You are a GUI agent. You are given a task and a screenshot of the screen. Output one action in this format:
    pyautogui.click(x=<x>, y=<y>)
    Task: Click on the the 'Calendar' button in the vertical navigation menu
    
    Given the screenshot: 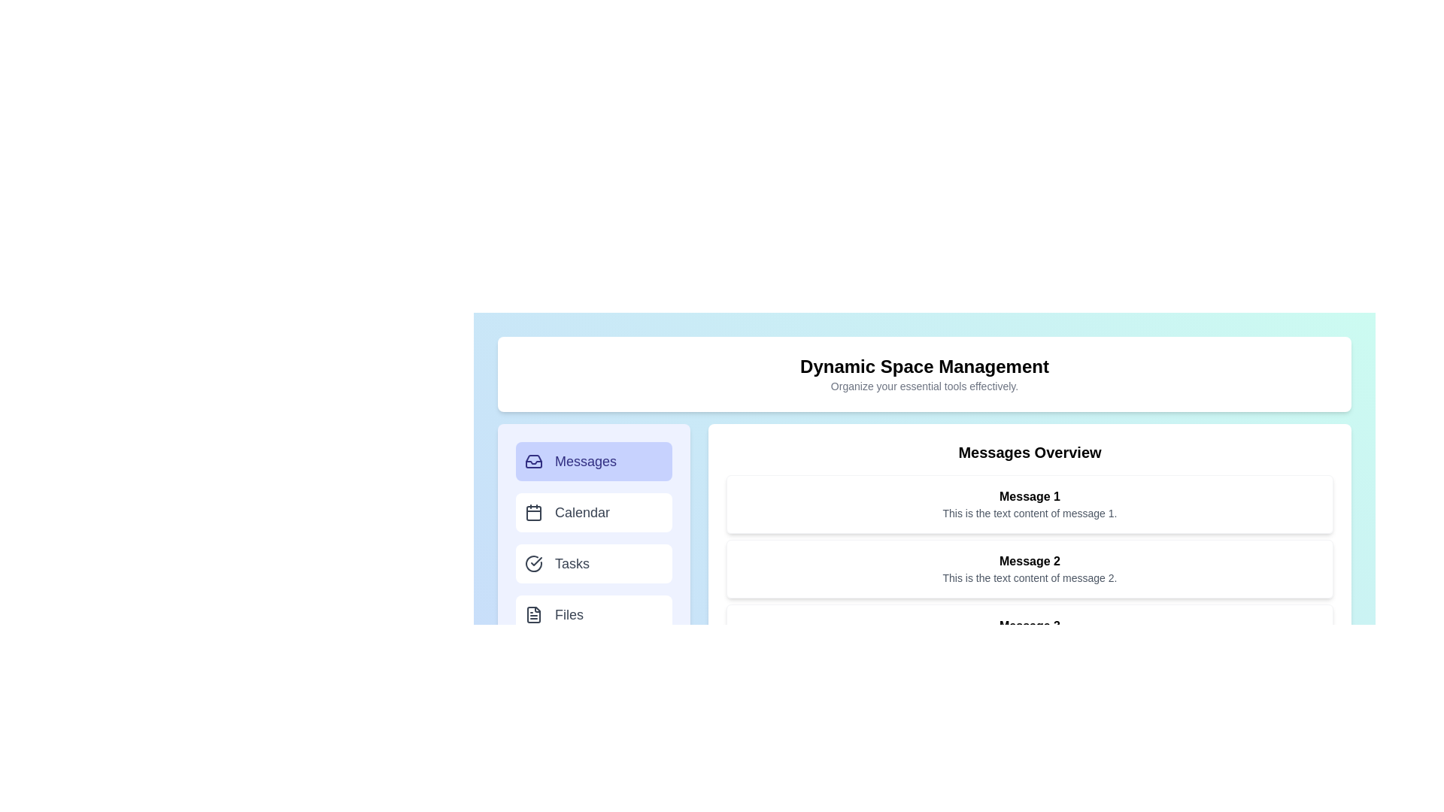 What is the action you would take?
    pyautogui.click(x=593, y=538)
    